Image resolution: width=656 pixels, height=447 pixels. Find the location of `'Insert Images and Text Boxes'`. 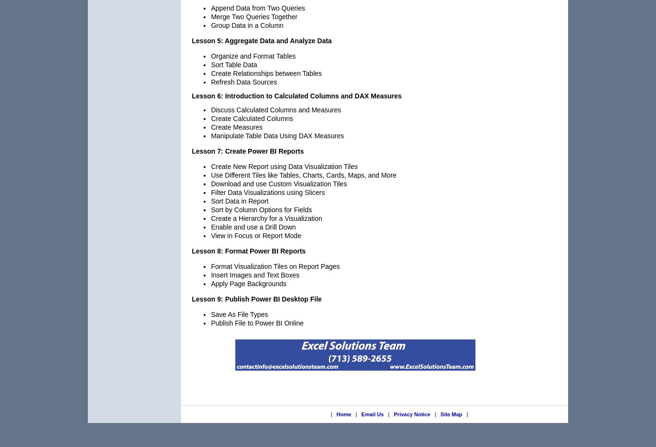

'Insert Images and Text Boxes' is located at coordinates (255, 275).